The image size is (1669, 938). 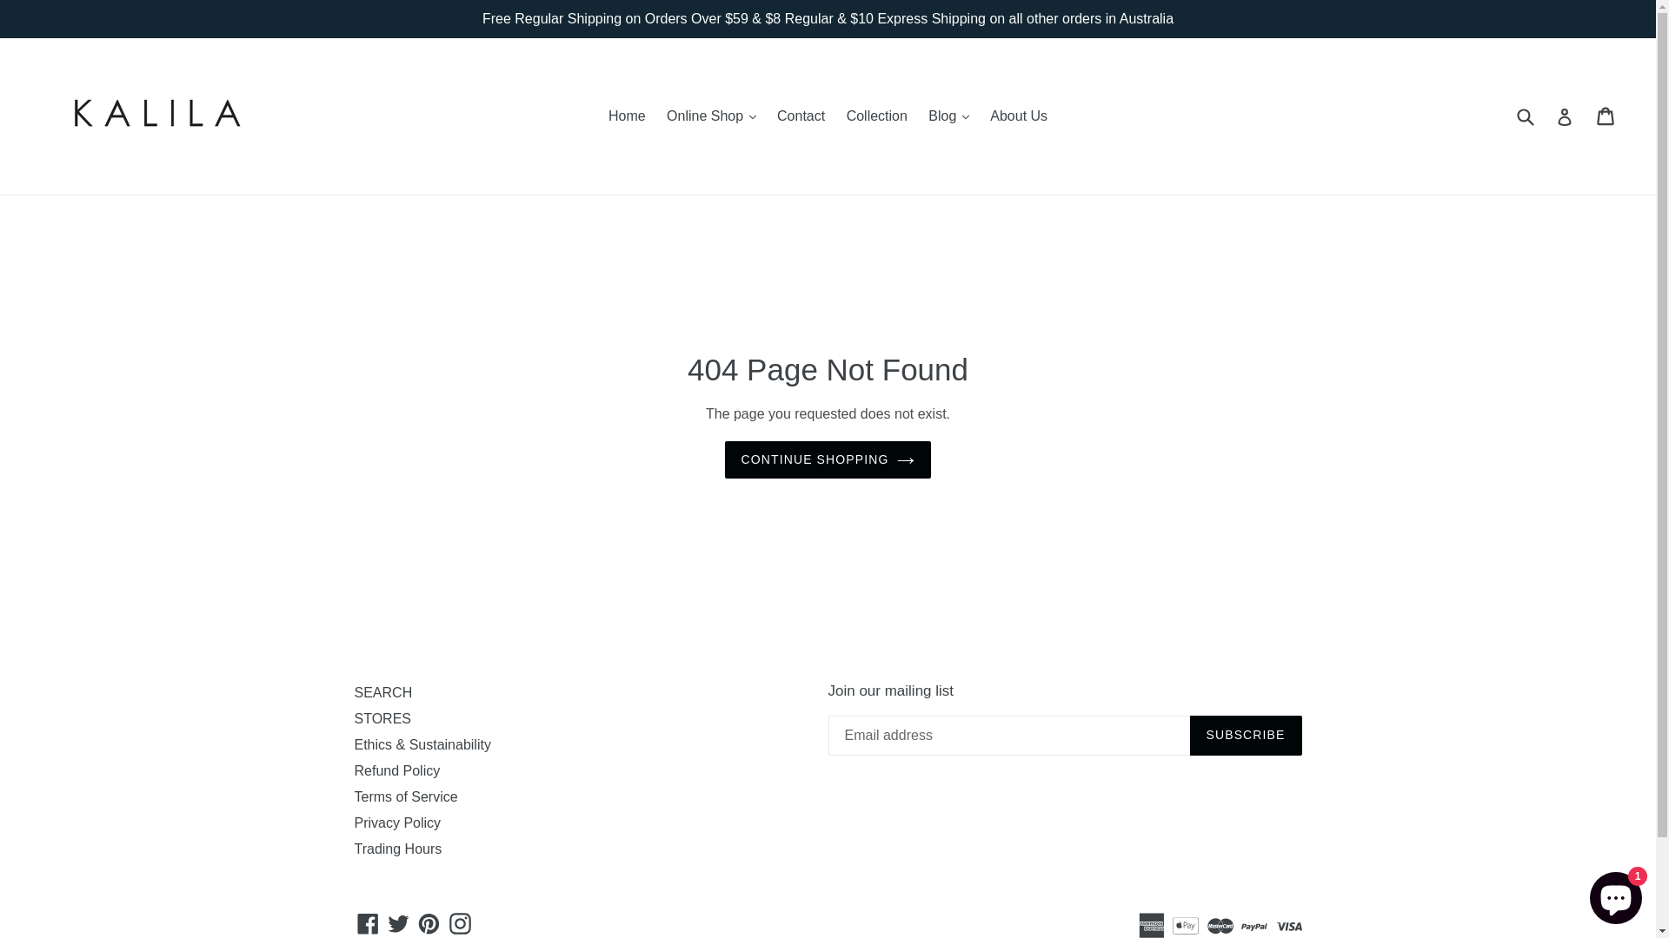 I want to click on 'About Us', so click(x=981, y=116).